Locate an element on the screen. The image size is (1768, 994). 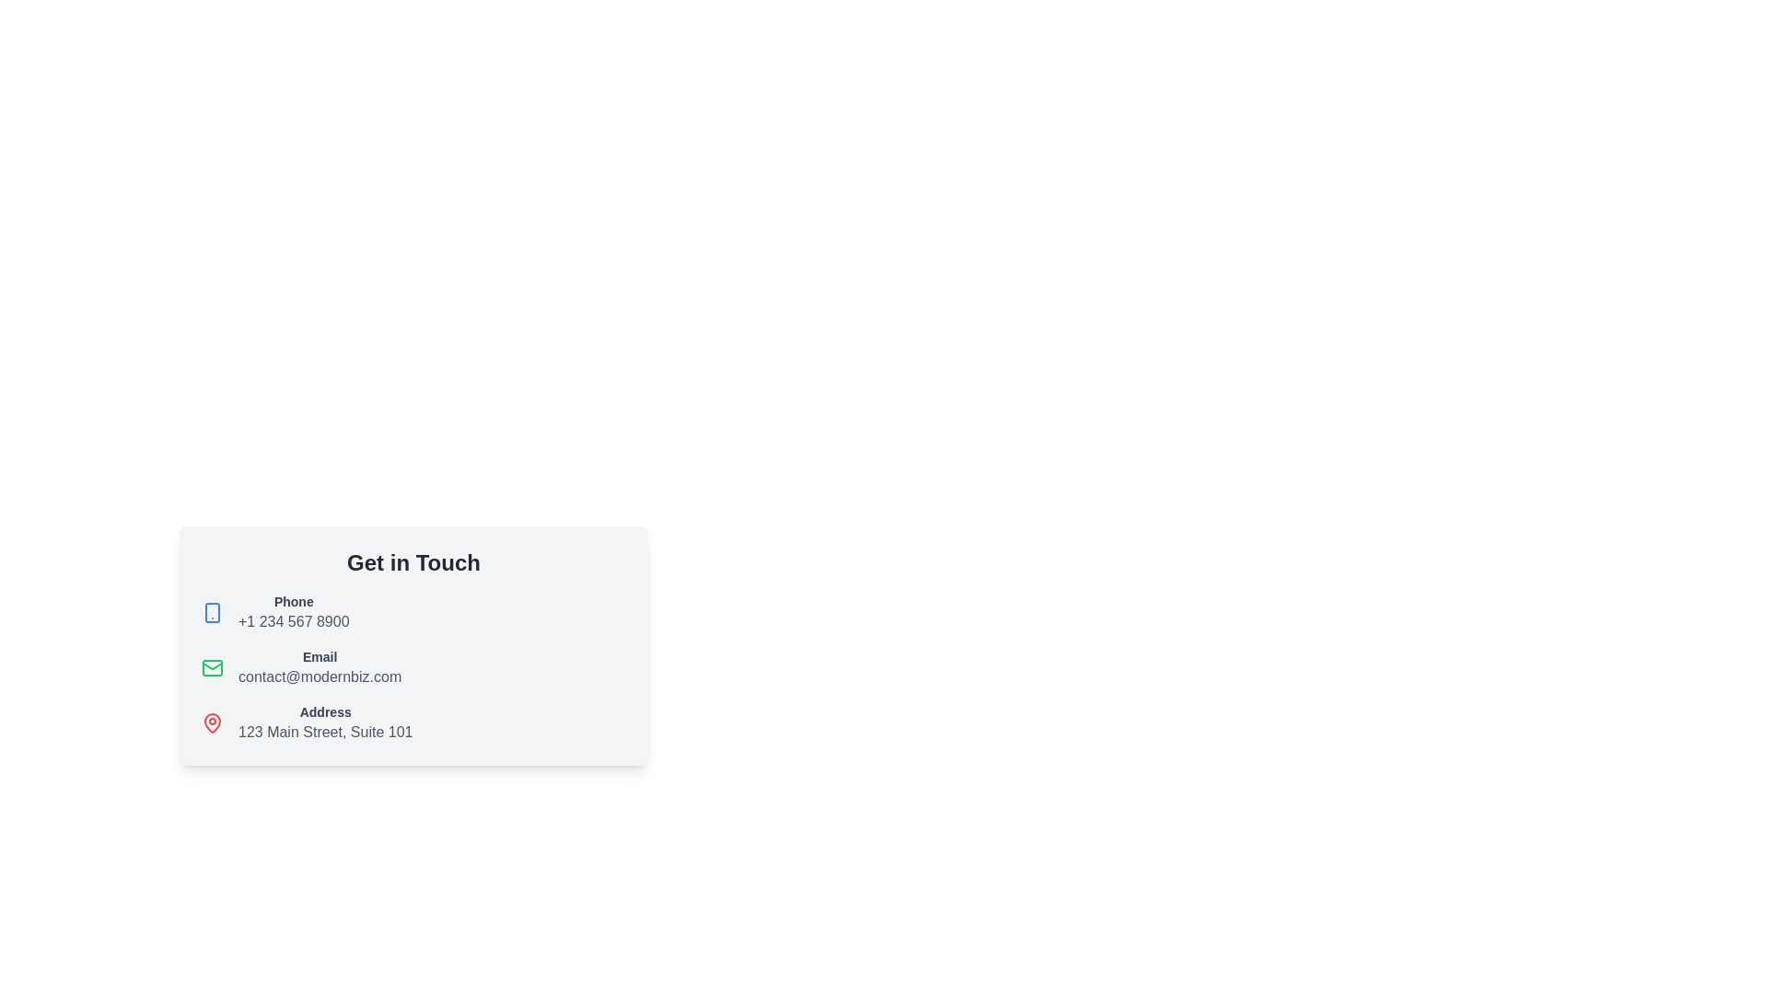
the envelope icon representing email functionality, which is located in the center-right region of the interface, part of the contact information section is located at coordinates (212, 667).